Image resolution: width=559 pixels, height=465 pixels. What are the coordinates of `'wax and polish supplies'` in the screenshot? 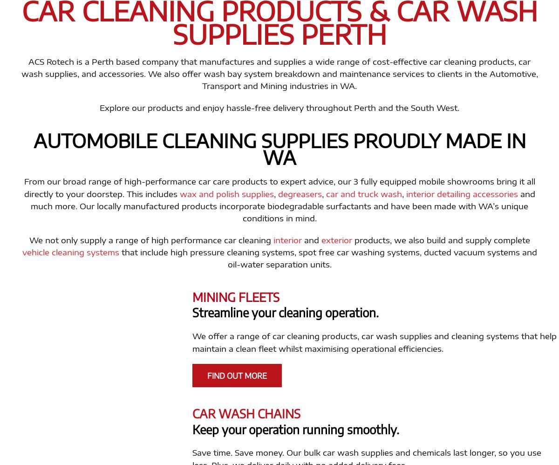 It's located at (226, 193).